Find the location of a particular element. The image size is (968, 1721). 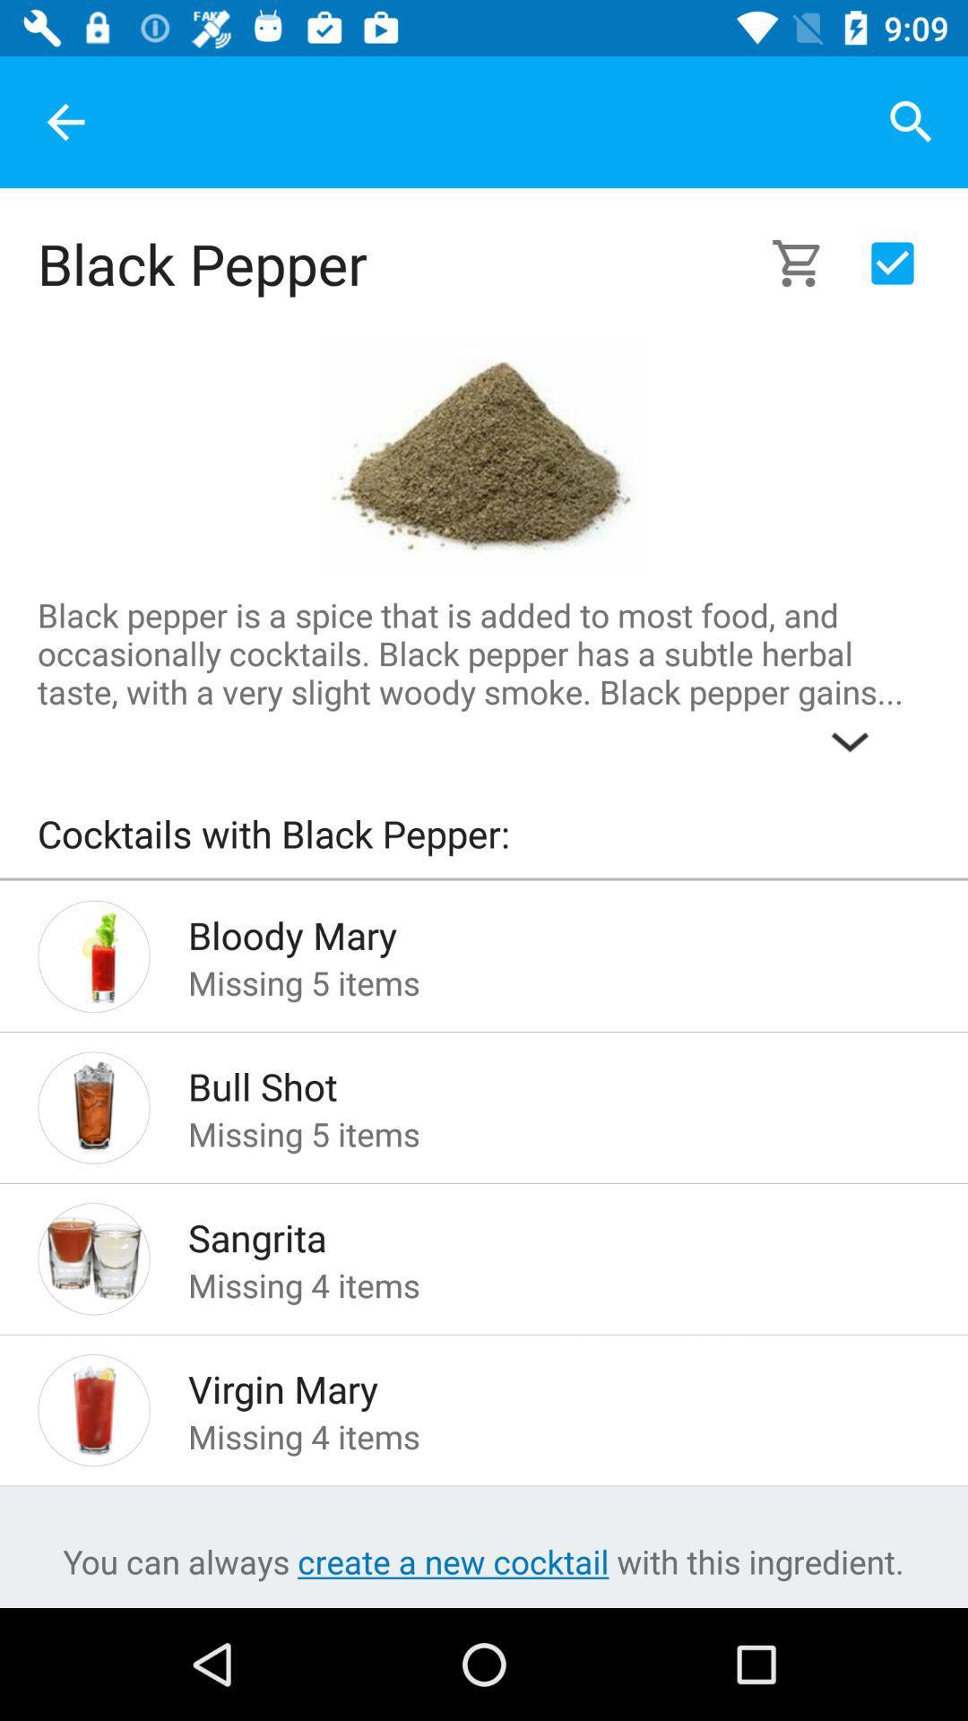

virgin mary is located at coordinates (530, 1383).